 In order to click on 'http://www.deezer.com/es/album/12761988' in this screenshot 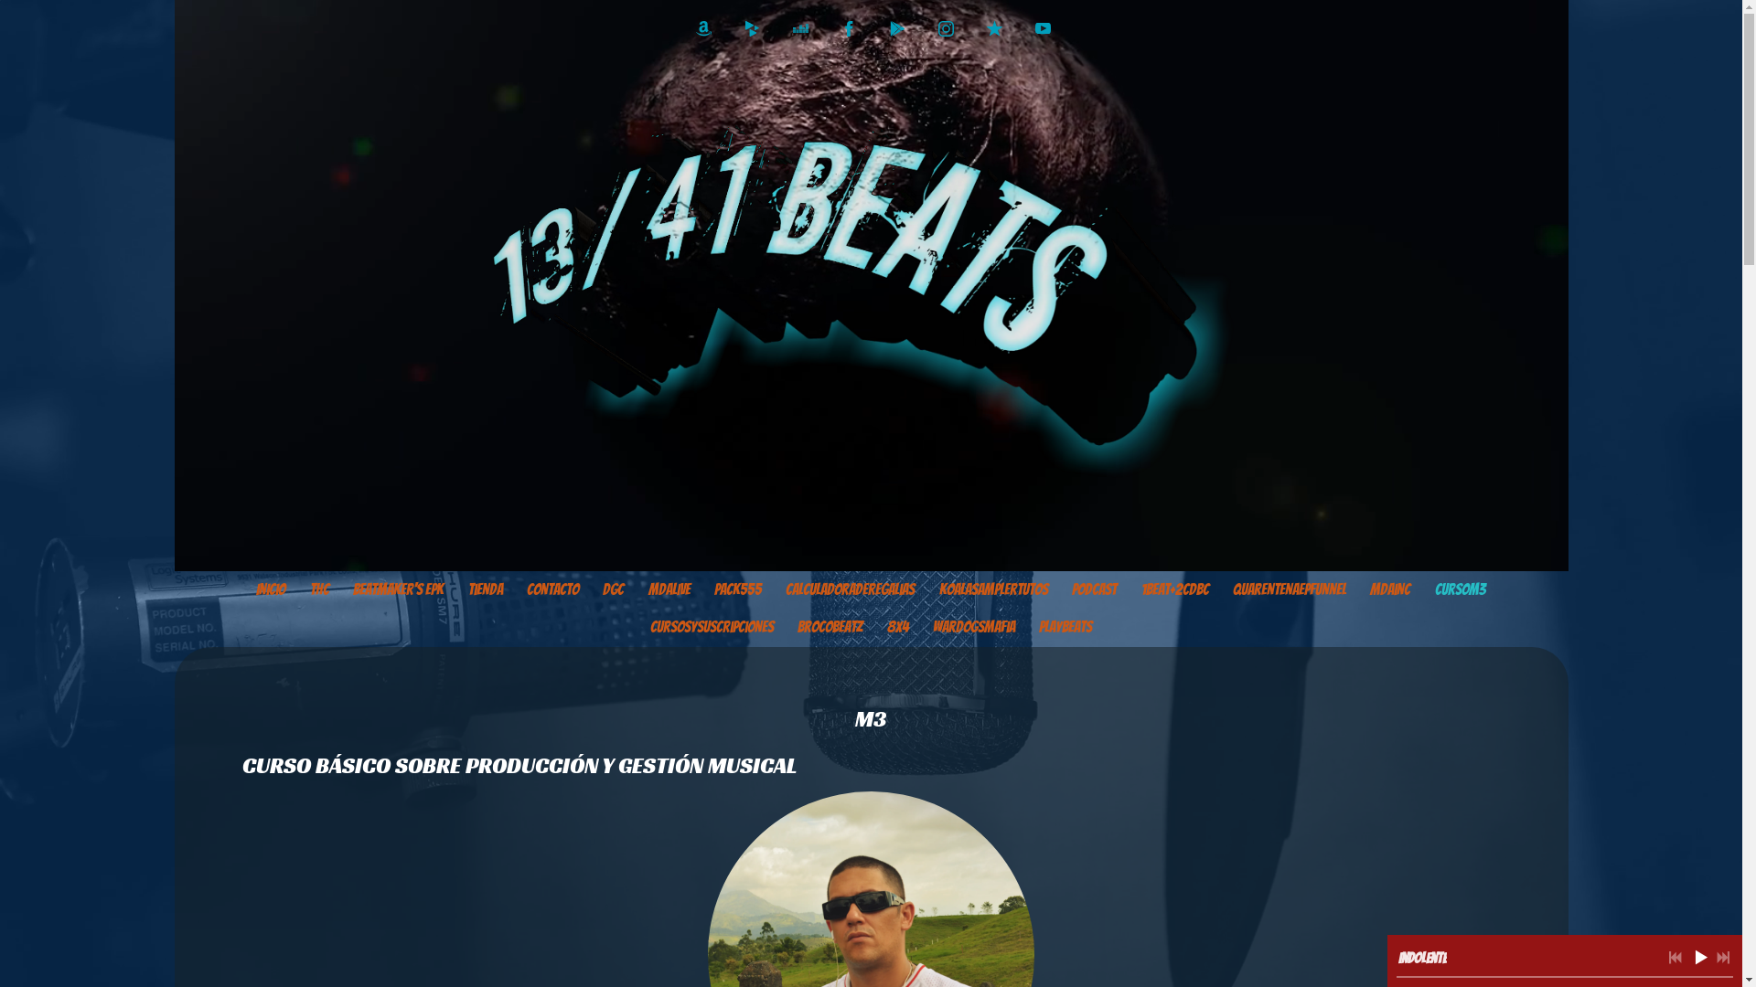, I will do `click(799, 28)`.